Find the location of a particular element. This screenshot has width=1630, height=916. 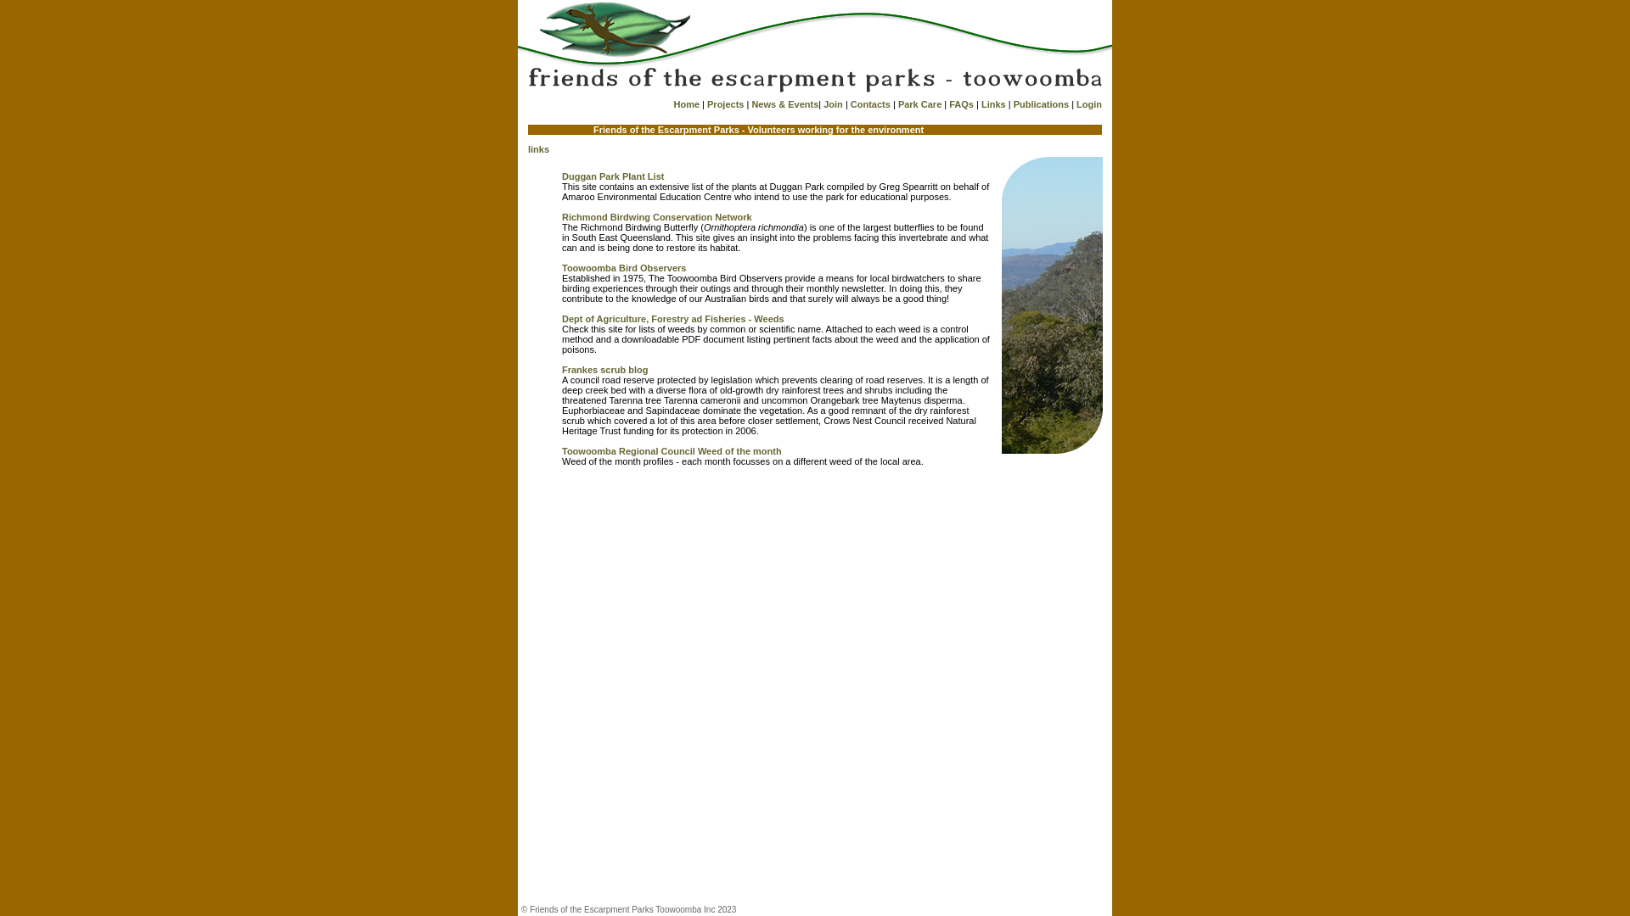

'Home' is located at coordinates (672, 103).